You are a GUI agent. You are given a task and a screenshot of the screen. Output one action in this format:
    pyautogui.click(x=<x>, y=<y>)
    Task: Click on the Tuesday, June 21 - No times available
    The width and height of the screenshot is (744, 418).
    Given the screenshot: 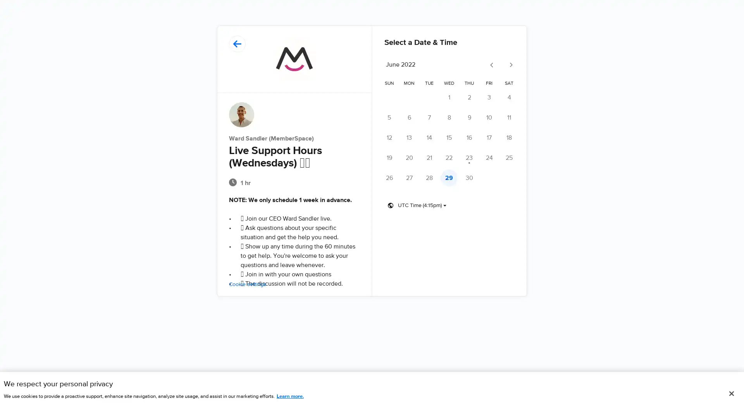 What is the action you would take?
    pyautogui.click(x=429, y=158)
    